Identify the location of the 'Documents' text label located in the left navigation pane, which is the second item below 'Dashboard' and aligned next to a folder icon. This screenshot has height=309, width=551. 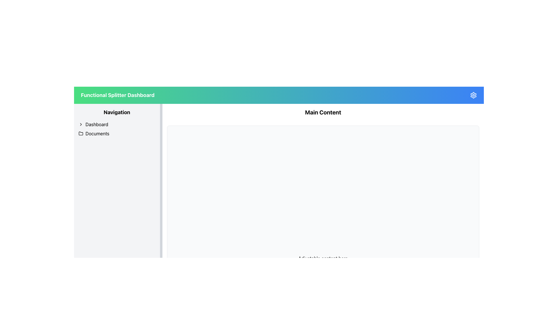
(97, 133).